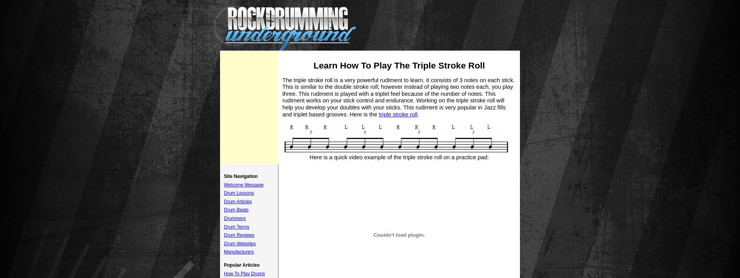 This screenshot has width=740, height=278. Describe the element at coordinates (238, 252) in the screenshot. I see `'Manufacturers'` at that location.